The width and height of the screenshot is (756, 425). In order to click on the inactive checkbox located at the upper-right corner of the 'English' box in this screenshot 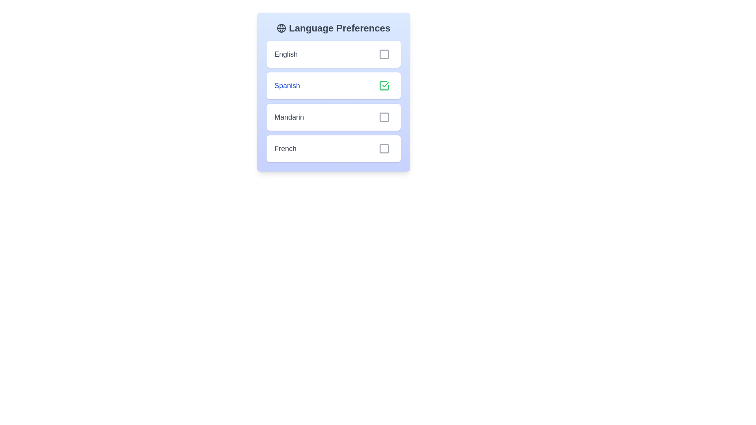, I will do `click(384, 54)`.